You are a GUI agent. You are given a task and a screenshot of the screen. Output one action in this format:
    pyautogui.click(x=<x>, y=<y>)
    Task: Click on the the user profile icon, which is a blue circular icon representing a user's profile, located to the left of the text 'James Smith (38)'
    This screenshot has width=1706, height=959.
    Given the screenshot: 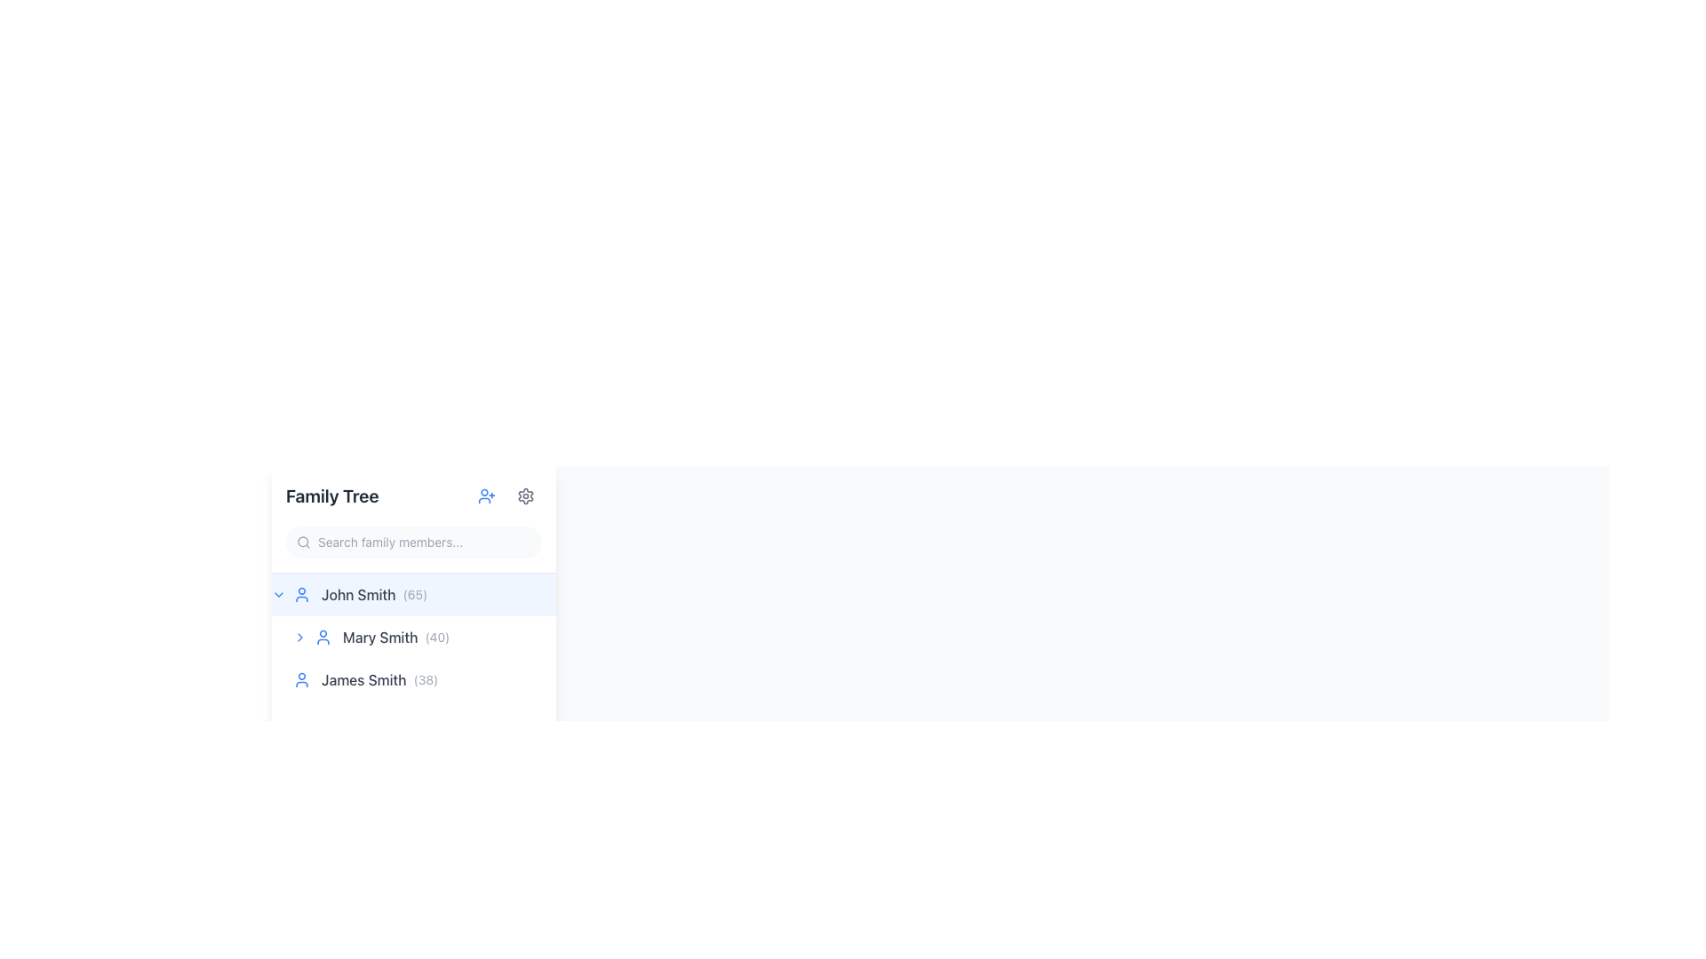 What is the action you would take?
    pyautogui.click(x=302, y=679)
    